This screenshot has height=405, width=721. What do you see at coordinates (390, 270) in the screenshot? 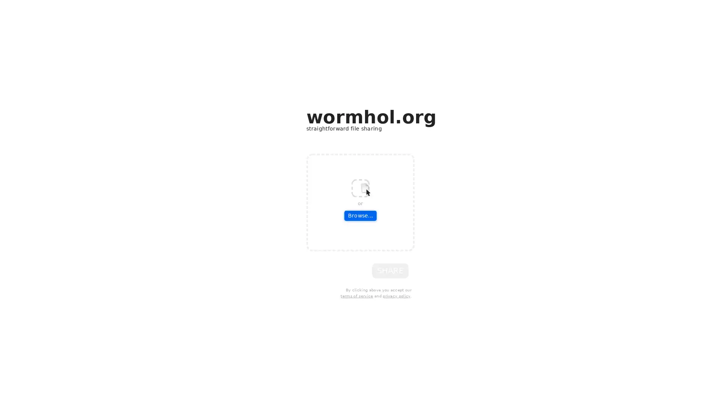
I see `SHARE` at bounding box center [390, 270].